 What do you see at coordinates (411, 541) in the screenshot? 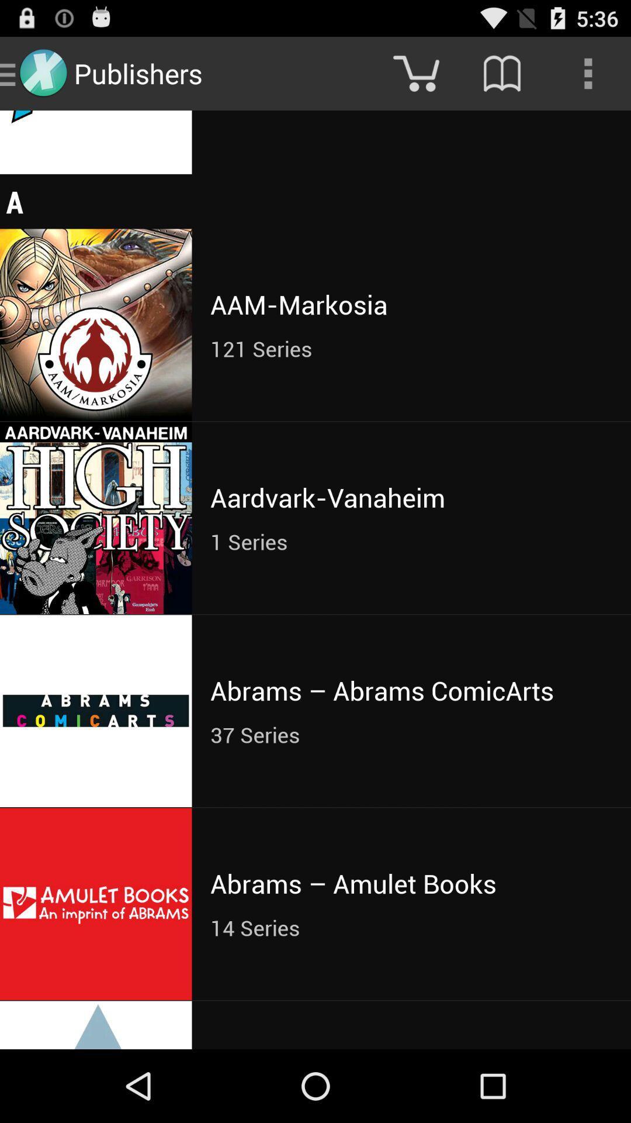
I see `1 series icon` at bounding box center [411, 541].